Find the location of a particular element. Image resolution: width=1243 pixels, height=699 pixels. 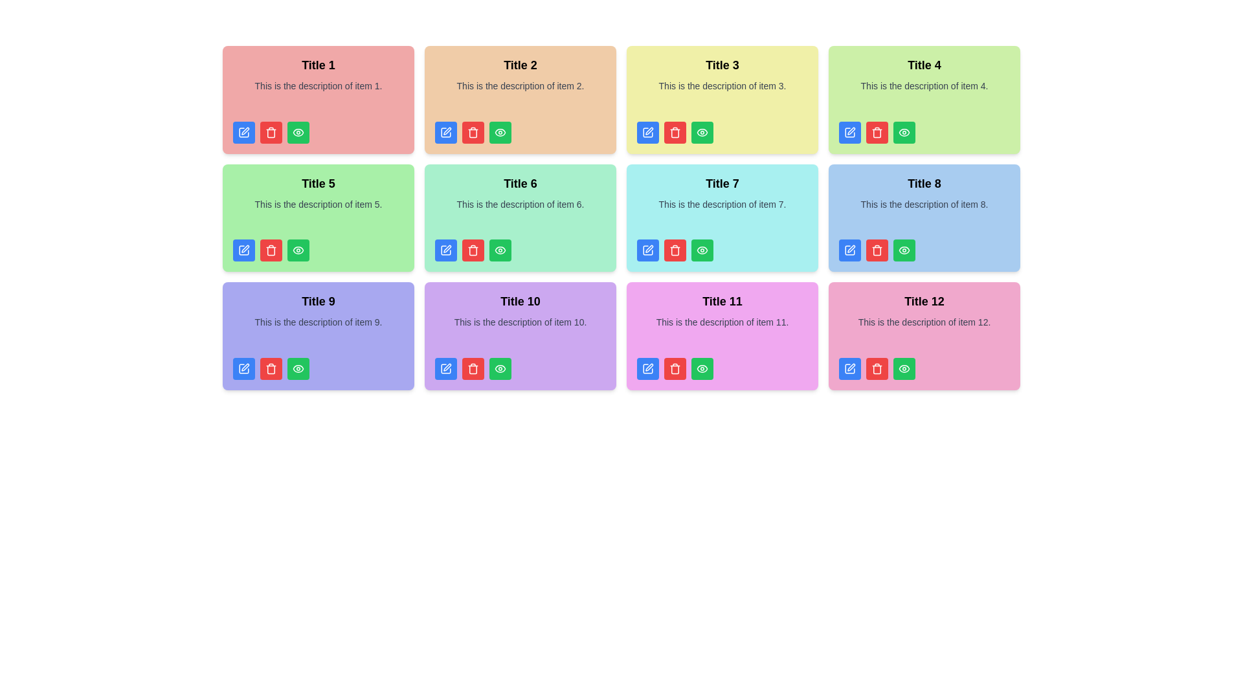

the icons within the Card component located in the bottom row and the second column of the grid, which is to the right of 'Title 9' and to the left of 'Title 11' is located at coordinates (521, 335).